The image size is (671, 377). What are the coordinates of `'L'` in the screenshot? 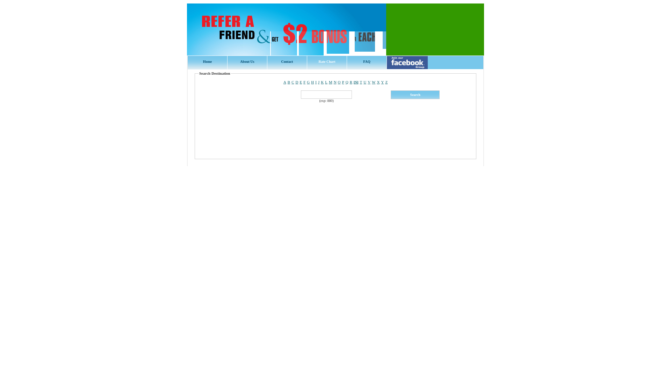 It's located at (325, 82).